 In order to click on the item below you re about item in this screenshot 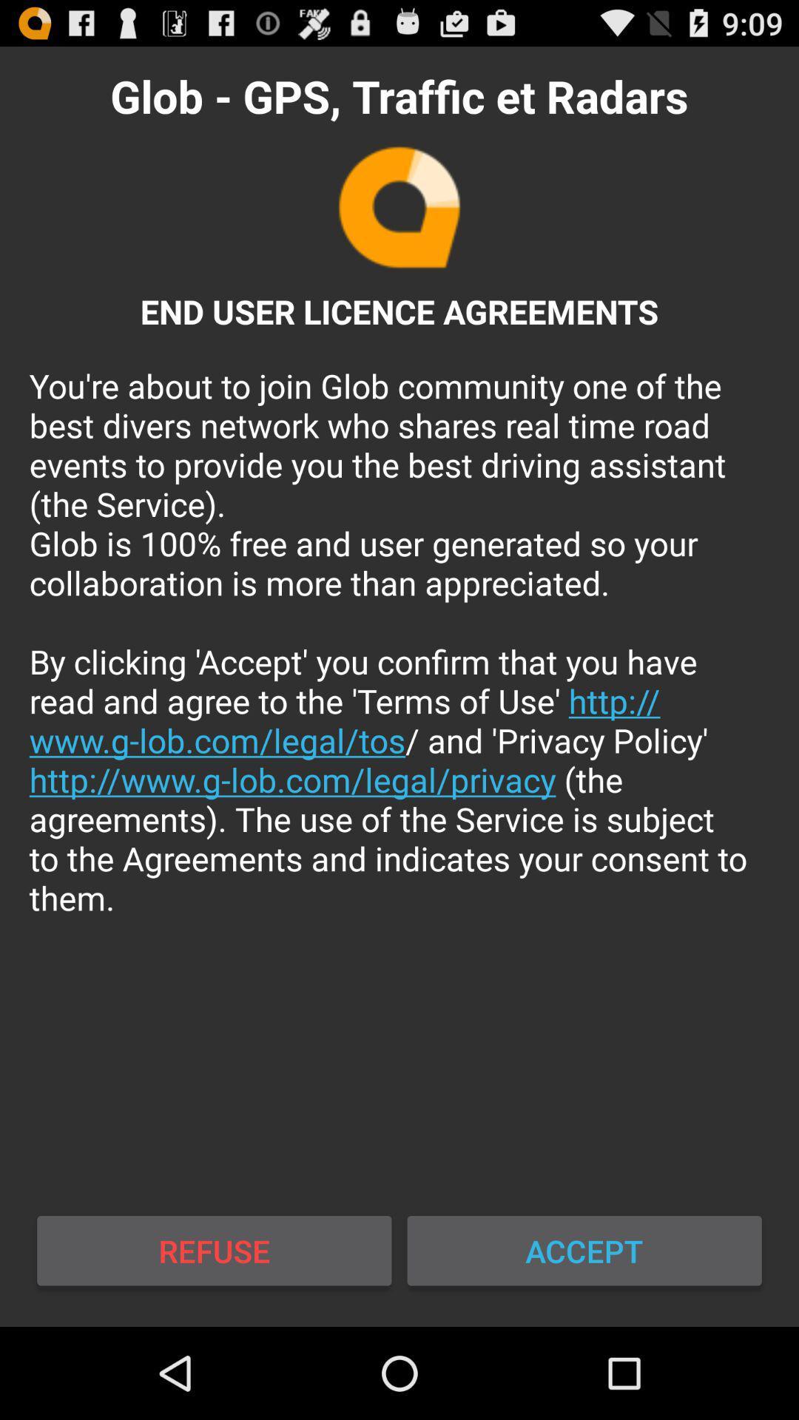, I will do `click(214, 1250)`.